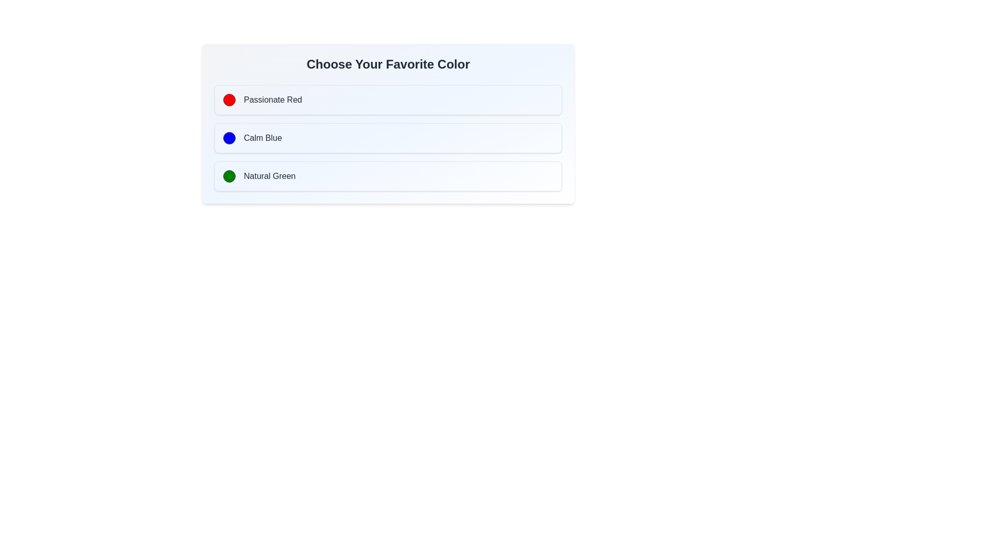 The width and height of the screenshot is (990, 557). I want to click on the 'Natural Green' button located below 'Passionate Red' and 'Calm Blue', so click(388, 176).